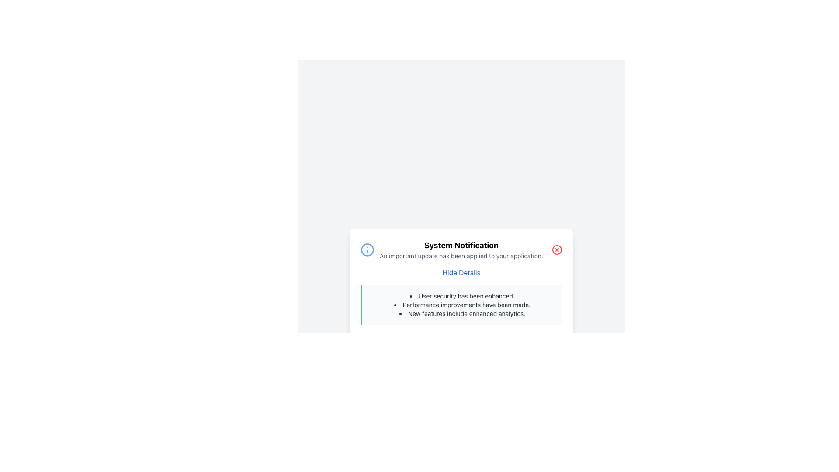 The width and height of the screenshot is (839, 472). Describe the element at coordinates (461, 250) in the screenshot. I see `text from the Textual Content Block located in the middle-top area of the notification box, positioned below the informational icon and above the 'Hide Details' button` at that location.